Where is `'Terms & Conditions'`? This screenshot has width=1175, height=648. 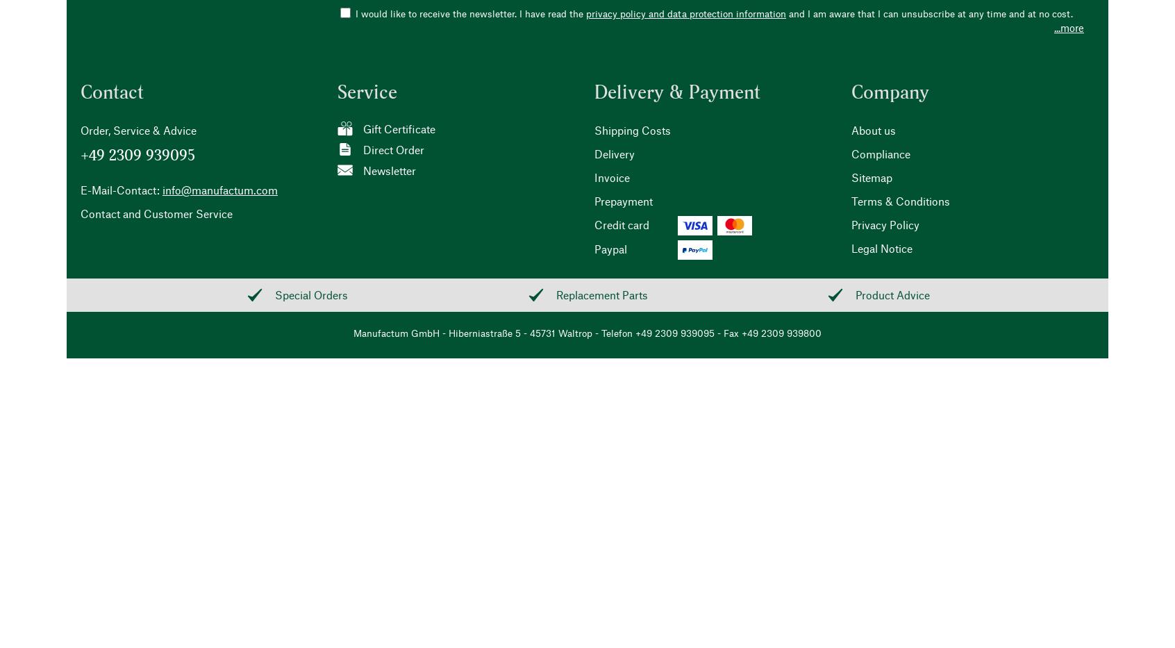 'Terms & Conditions' is located at coordinates (899, 200).